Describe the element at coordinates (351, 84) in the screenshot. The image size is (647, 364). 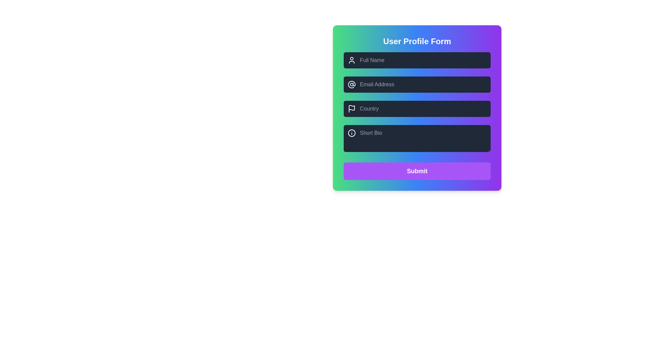
I see `the '@' icon displayed in white color on a dark background, located to the left of the 'Email Address' input field in the user profile form` at that location.